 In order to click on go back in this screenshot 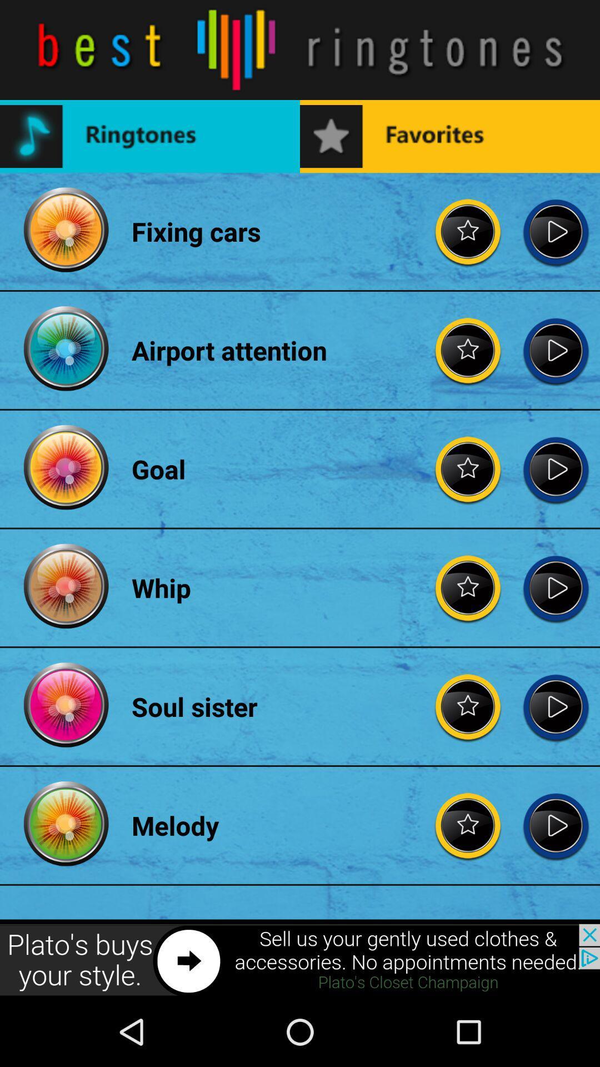, I will do `click(556, 350)`.